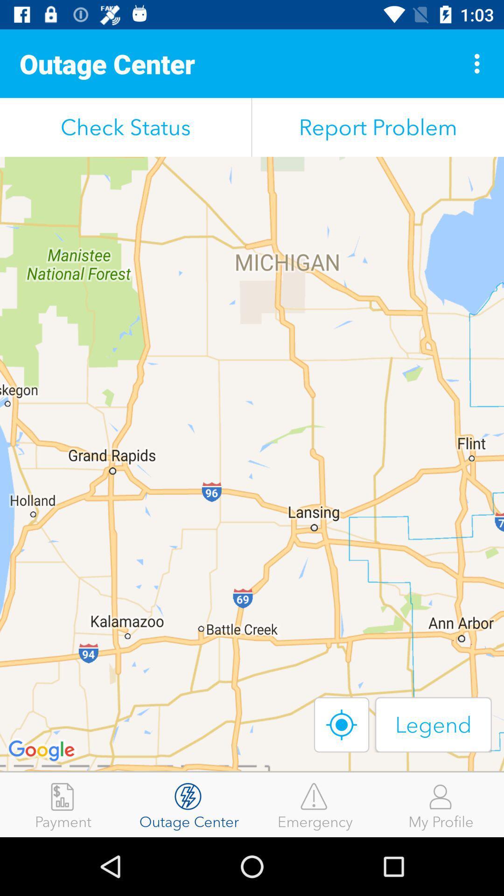  I want to click on the icon next to the outage center icon, so click(63, 804).